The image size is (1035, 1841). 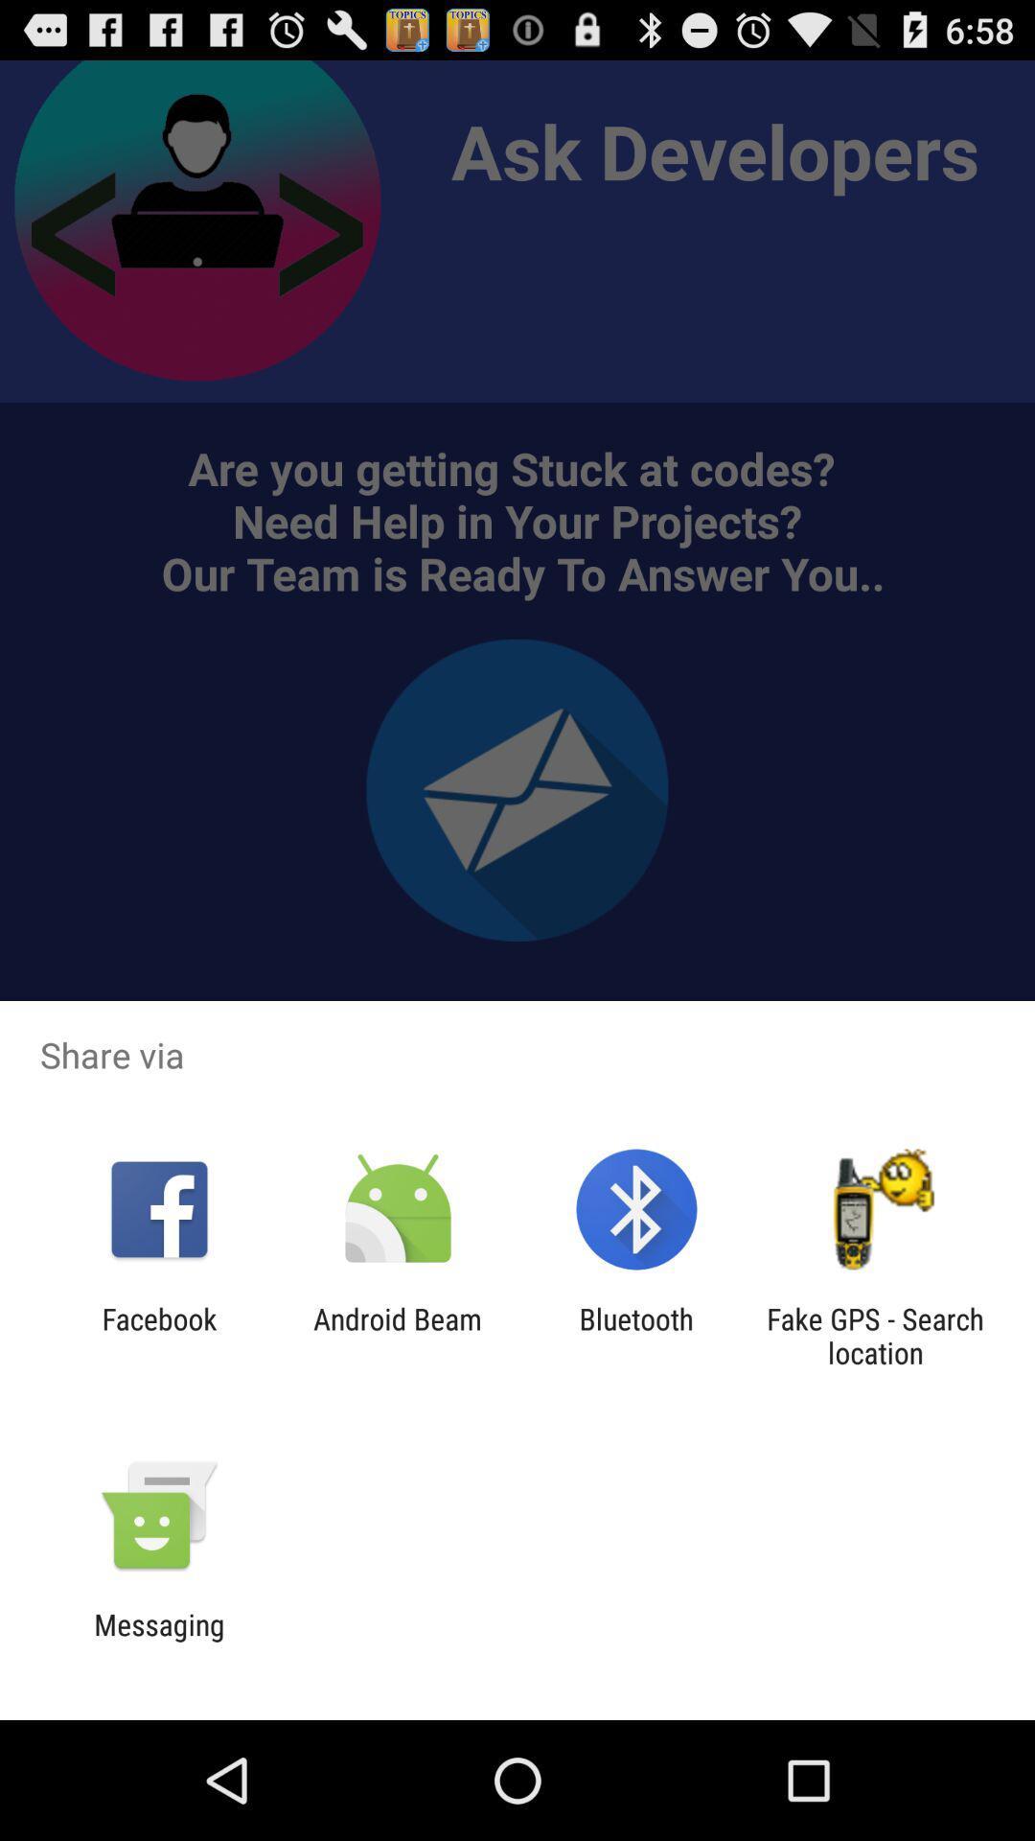 I want to click on the icon to the left of the fake gps search item, so click(x=636, y=1335).